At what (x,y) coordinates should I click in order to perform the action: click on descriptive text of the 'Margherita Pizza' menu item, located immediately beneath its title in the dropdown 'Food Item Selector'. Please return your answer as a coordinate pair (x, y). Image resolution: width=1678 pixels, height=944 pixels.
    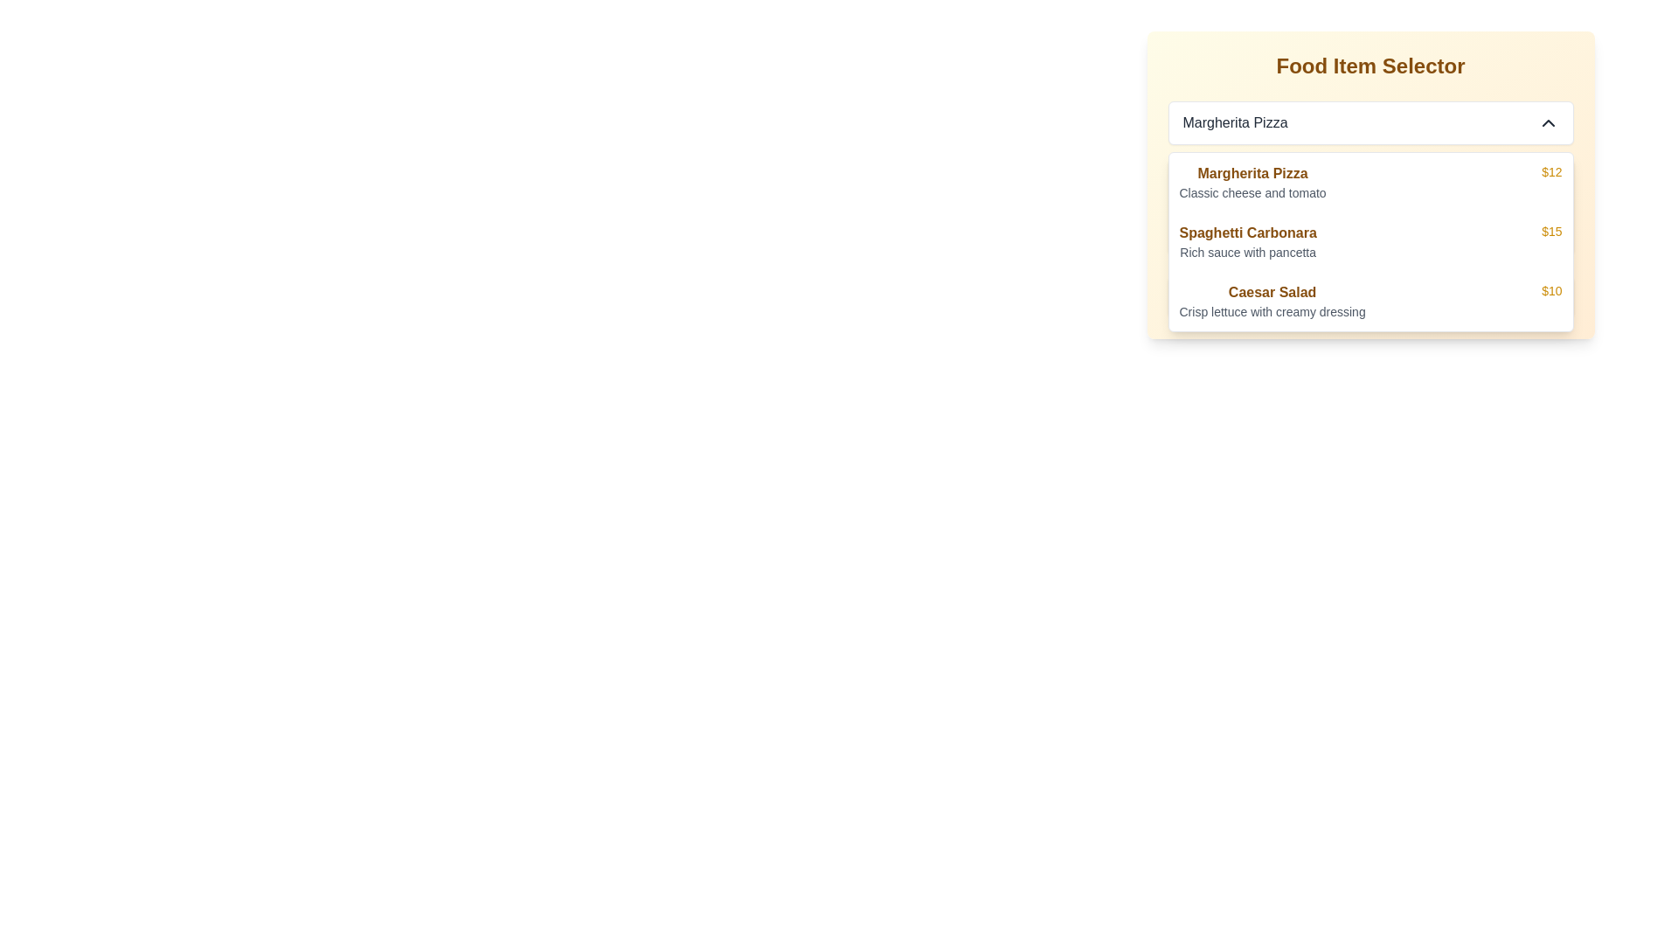
    Looking at the image, I should click on (1252, 192).